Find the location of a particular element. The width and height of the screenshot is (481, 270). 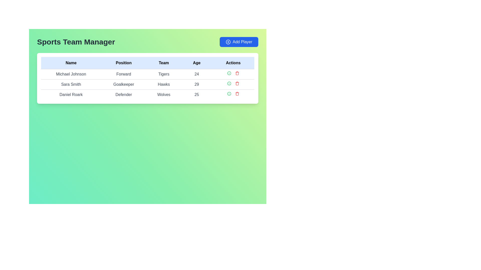

the plus (+) icon encased in a circular outline, located to the left of the 'Add Player' text on the button at the top-right portion of the interface is located at coordinates (228, 42).